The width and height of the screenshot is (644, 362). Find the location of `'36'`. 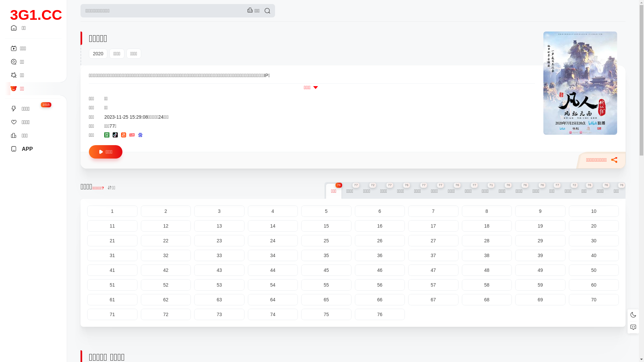

'36' is located at coordinates (380, 255).